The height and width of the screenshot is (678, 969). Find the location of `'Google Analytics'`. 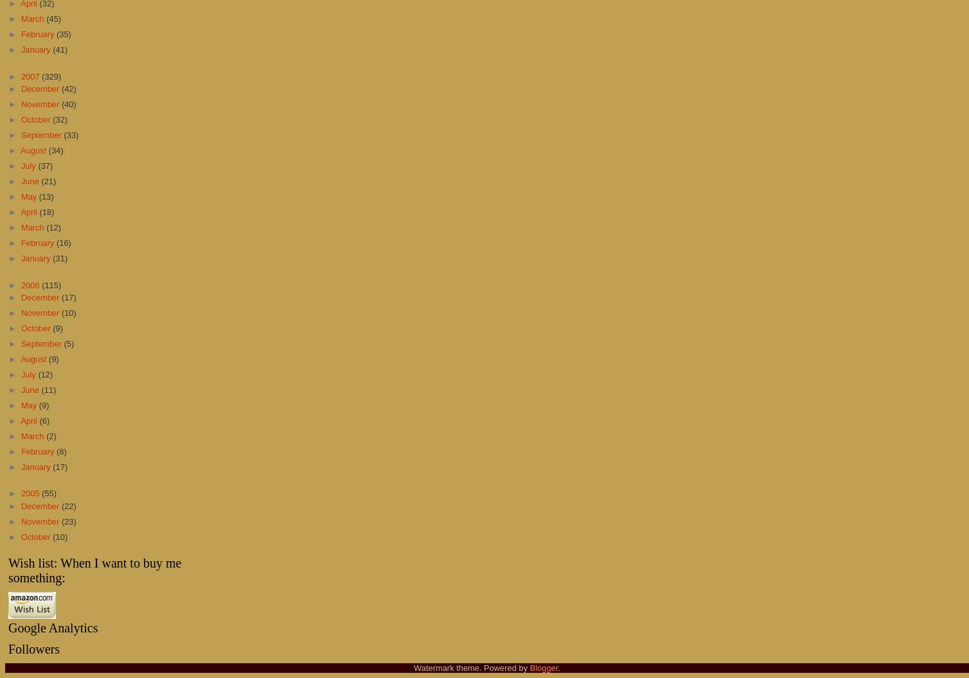

'Google Analytics' is located at coordinates (53, 627).